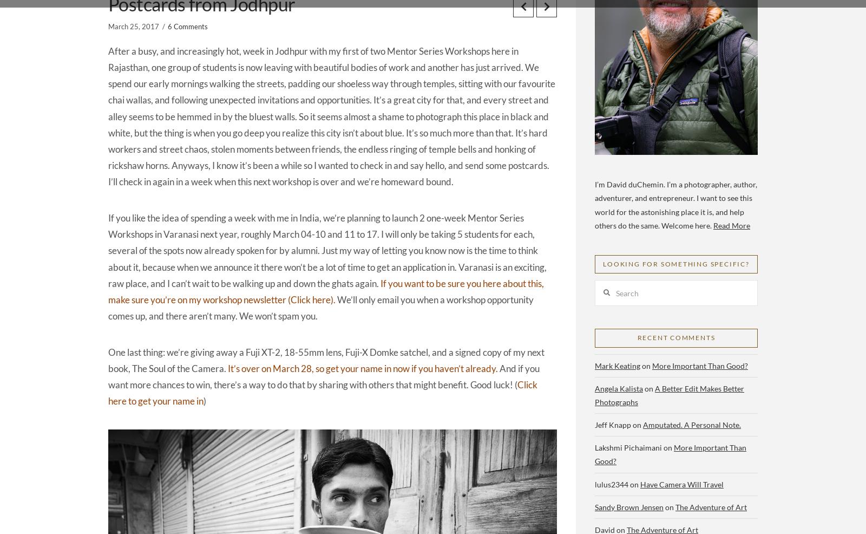 This screenshot has height=534, width=866. What do you see at coordinates (675, 263) in the screenshot?
I see `'Looking for Something Specific?'` at bounding box center [675, 263].